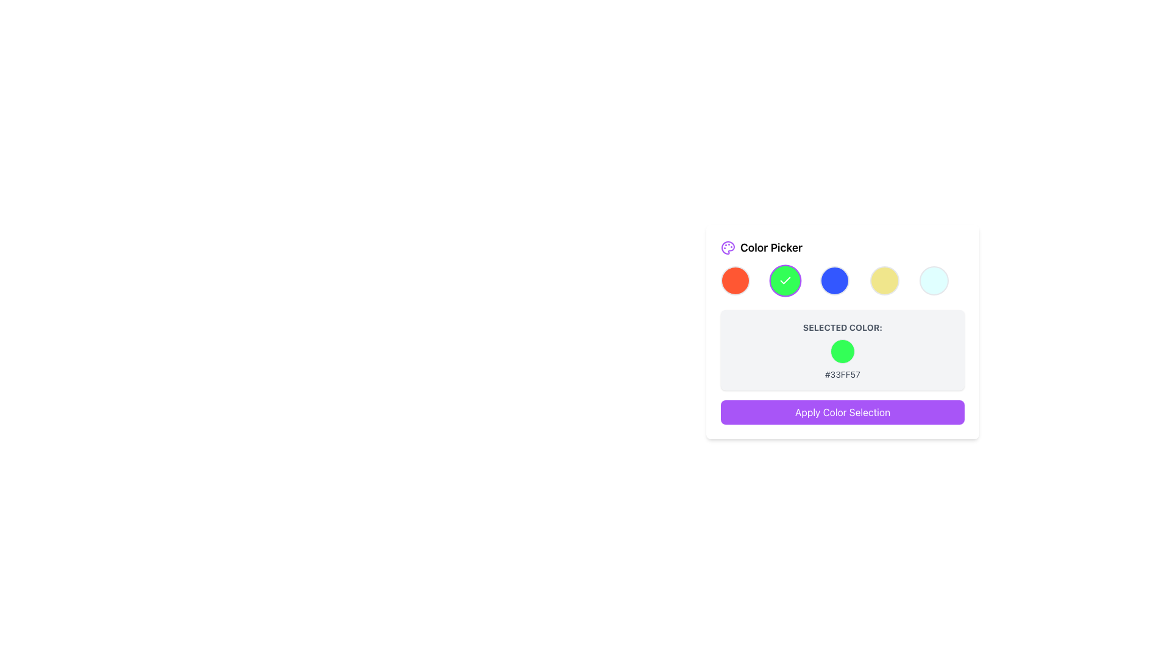 This screenshot has height=658, width=1170. I want to click on the 'Color Picker' text-label with an adjacent purple palette icon, which is located at the top-left corner of the color selection interface, so click(761, 247).